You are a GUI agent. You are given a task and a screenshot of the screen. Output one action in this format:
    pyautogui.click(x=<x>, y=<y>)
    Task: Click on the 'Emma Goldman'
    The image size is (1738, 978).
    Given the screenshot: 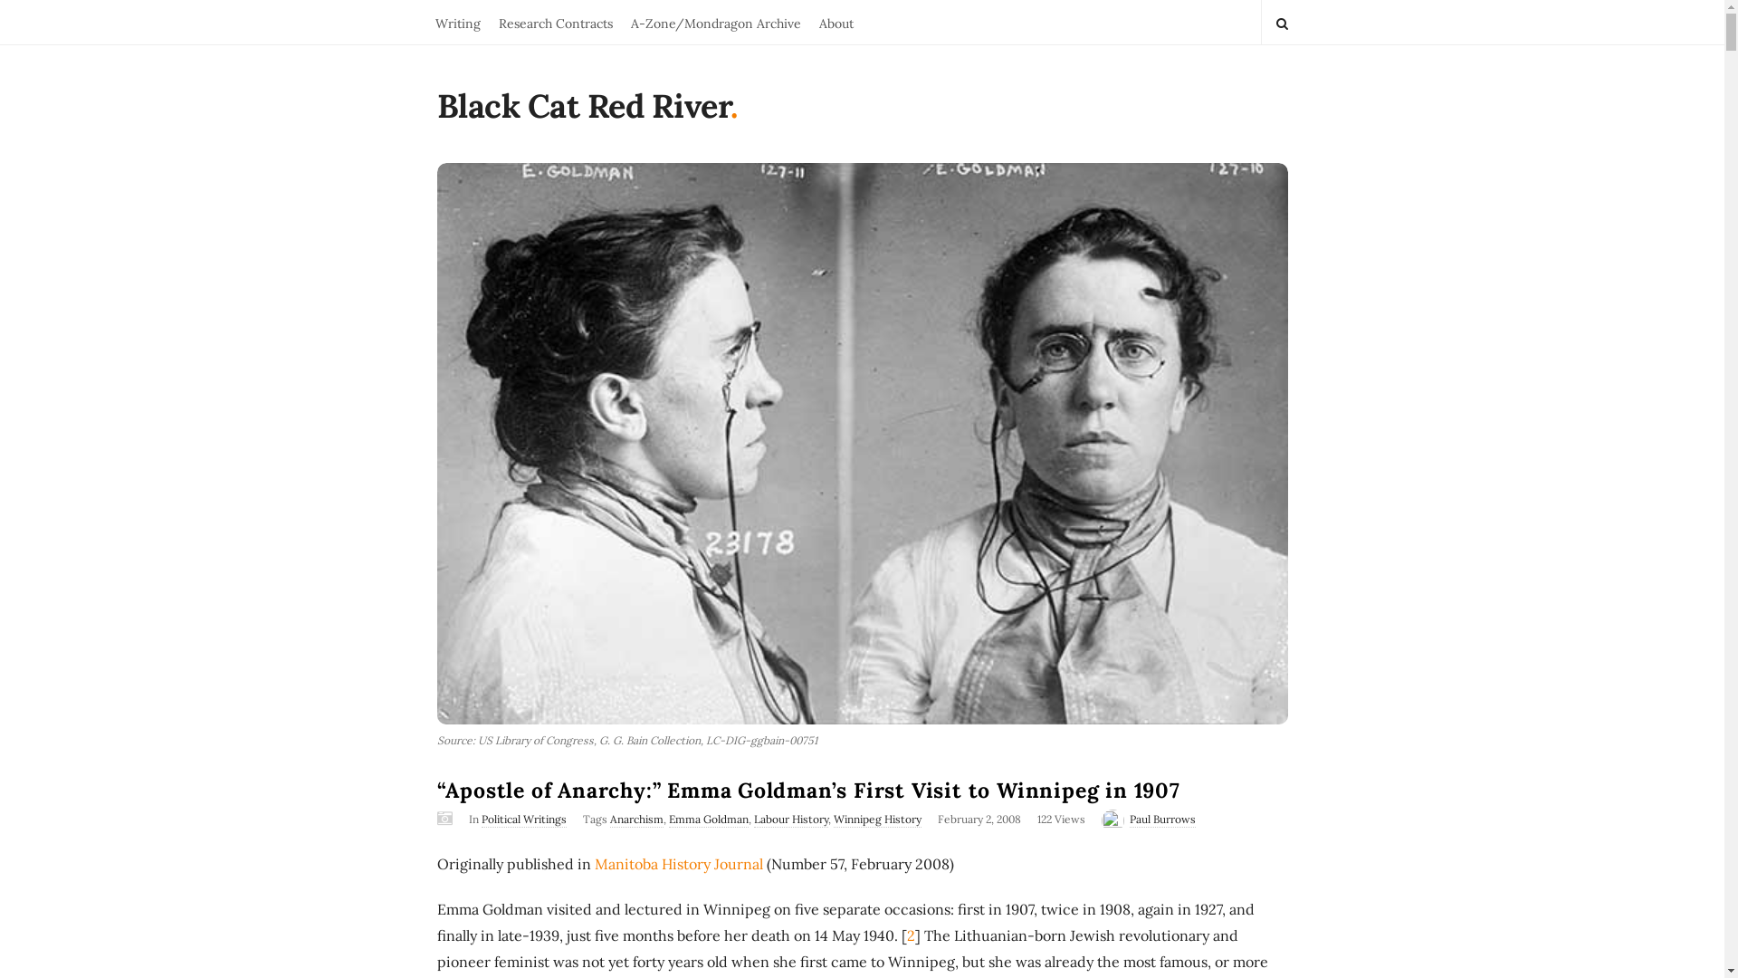 What is the action you would take?
    pyautogui.click(x=707, y=820)
    